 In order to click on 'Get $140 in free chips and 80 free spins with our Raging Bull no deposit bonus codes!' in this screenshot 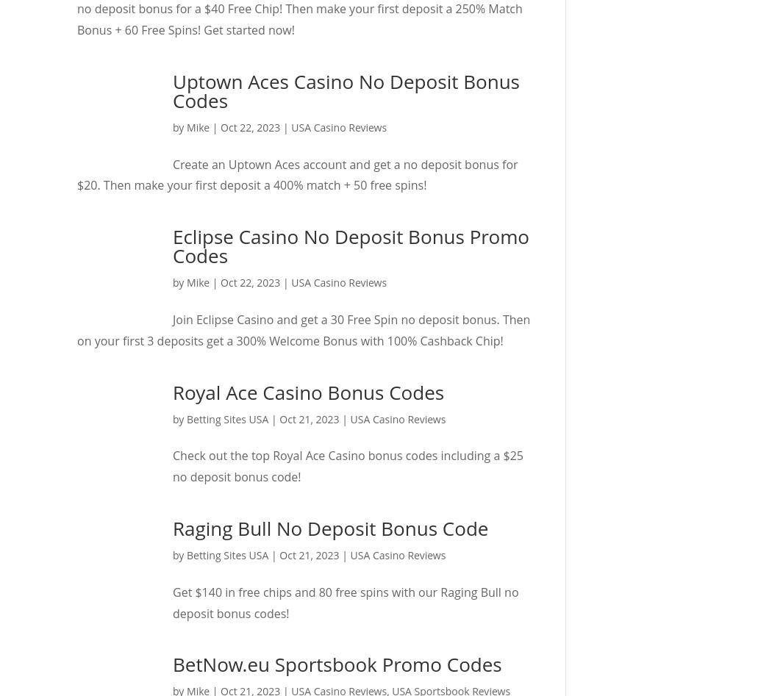, I will do `click(345, 602)`.